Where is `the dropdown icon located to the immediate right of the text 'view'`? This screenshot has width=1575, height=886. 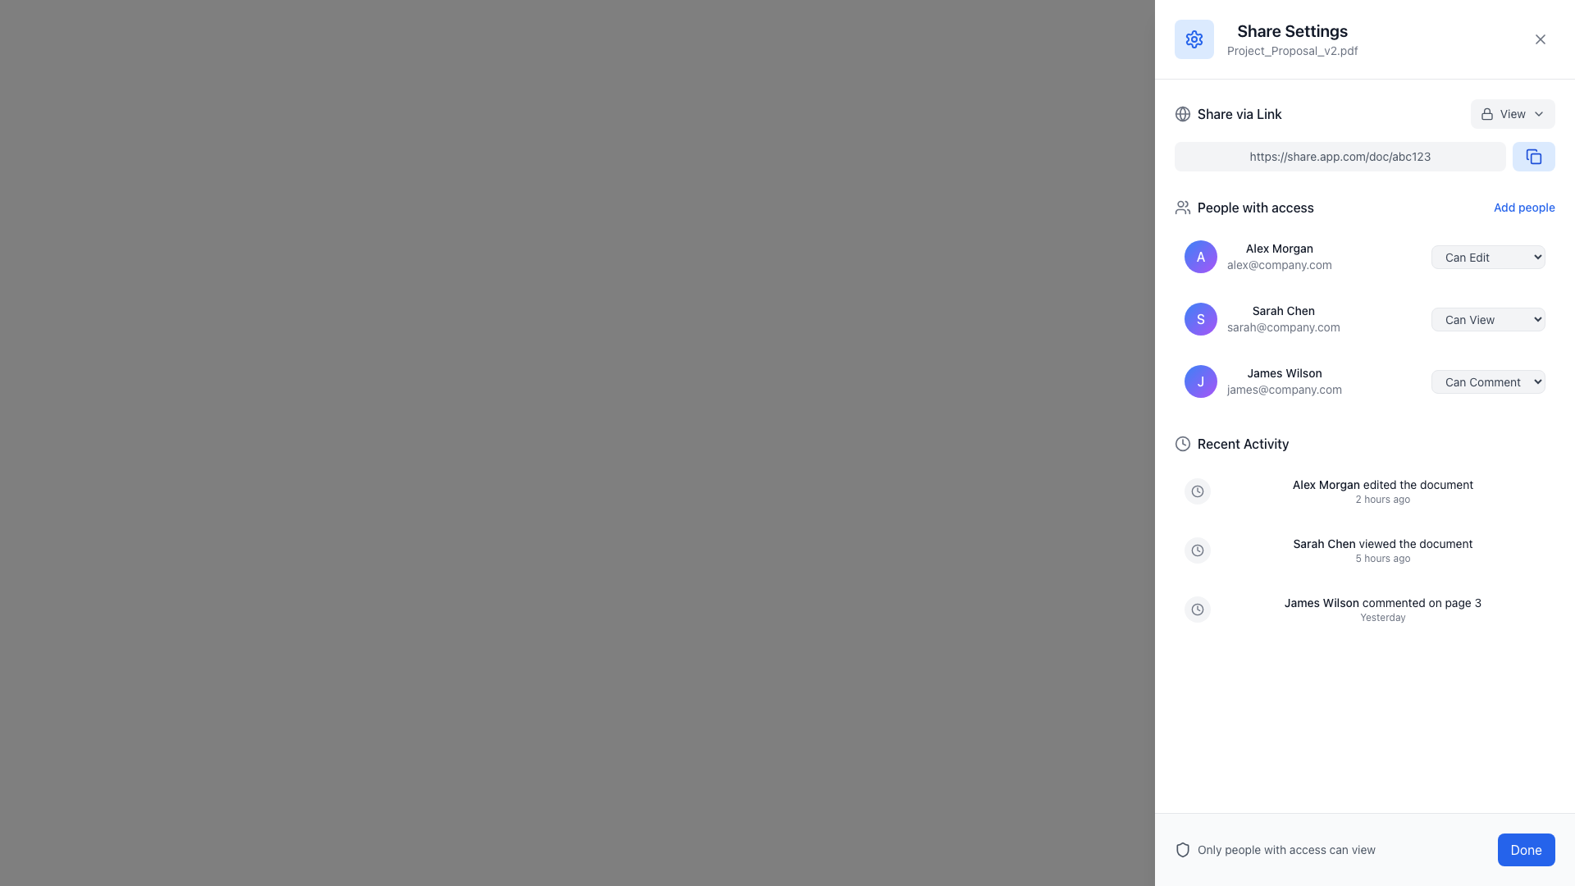 the dropdown icon located to the immediate right of the text 'view' is located at coordinates (1538, 112).